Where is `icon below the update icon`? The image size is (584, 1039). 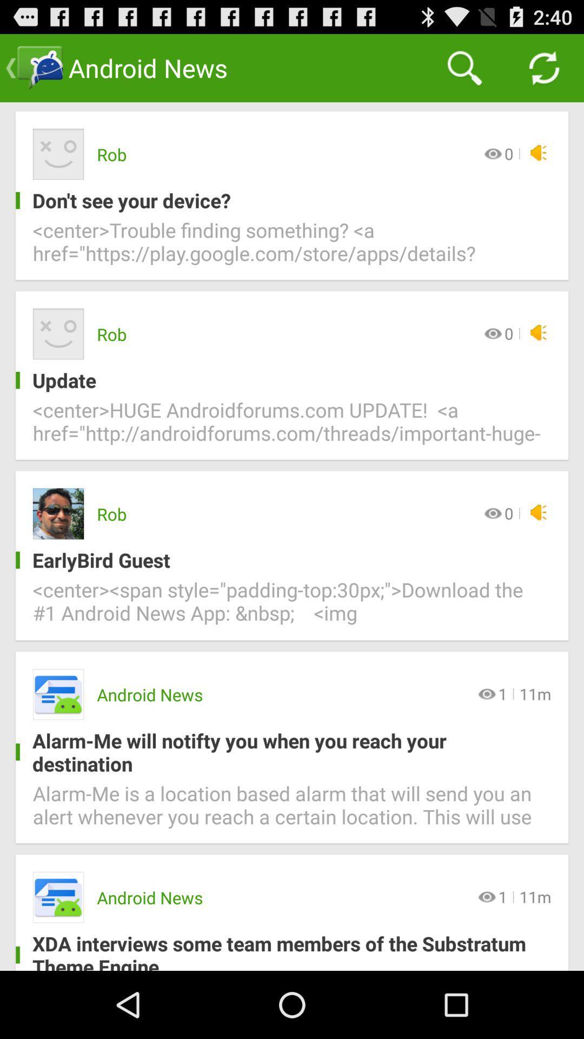
icon below the update icon is located at coordinates (292, 428).